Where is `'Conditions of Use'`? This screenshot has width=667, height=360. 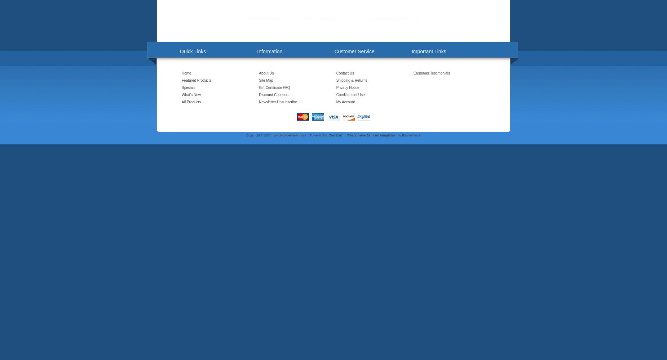
'Conditions of Use' is located at coordinates (350, 95).